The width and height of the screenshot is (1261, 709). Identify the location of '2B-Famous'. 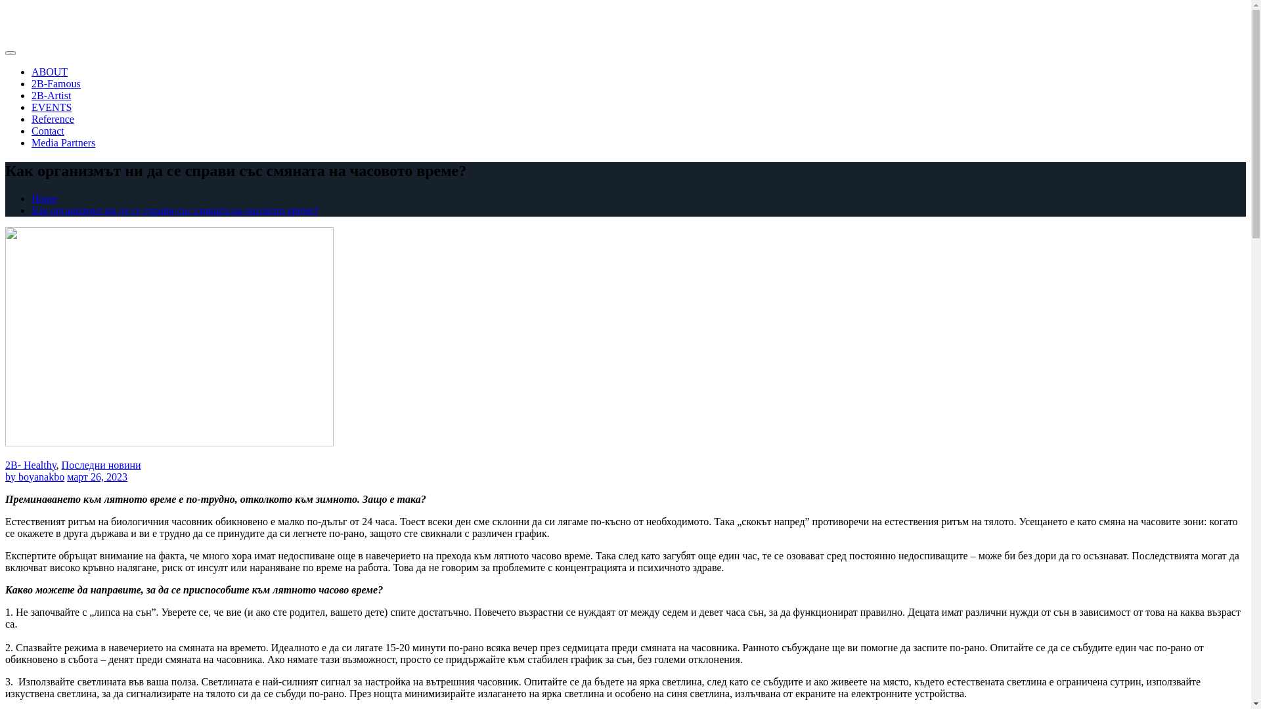
(32, 83).